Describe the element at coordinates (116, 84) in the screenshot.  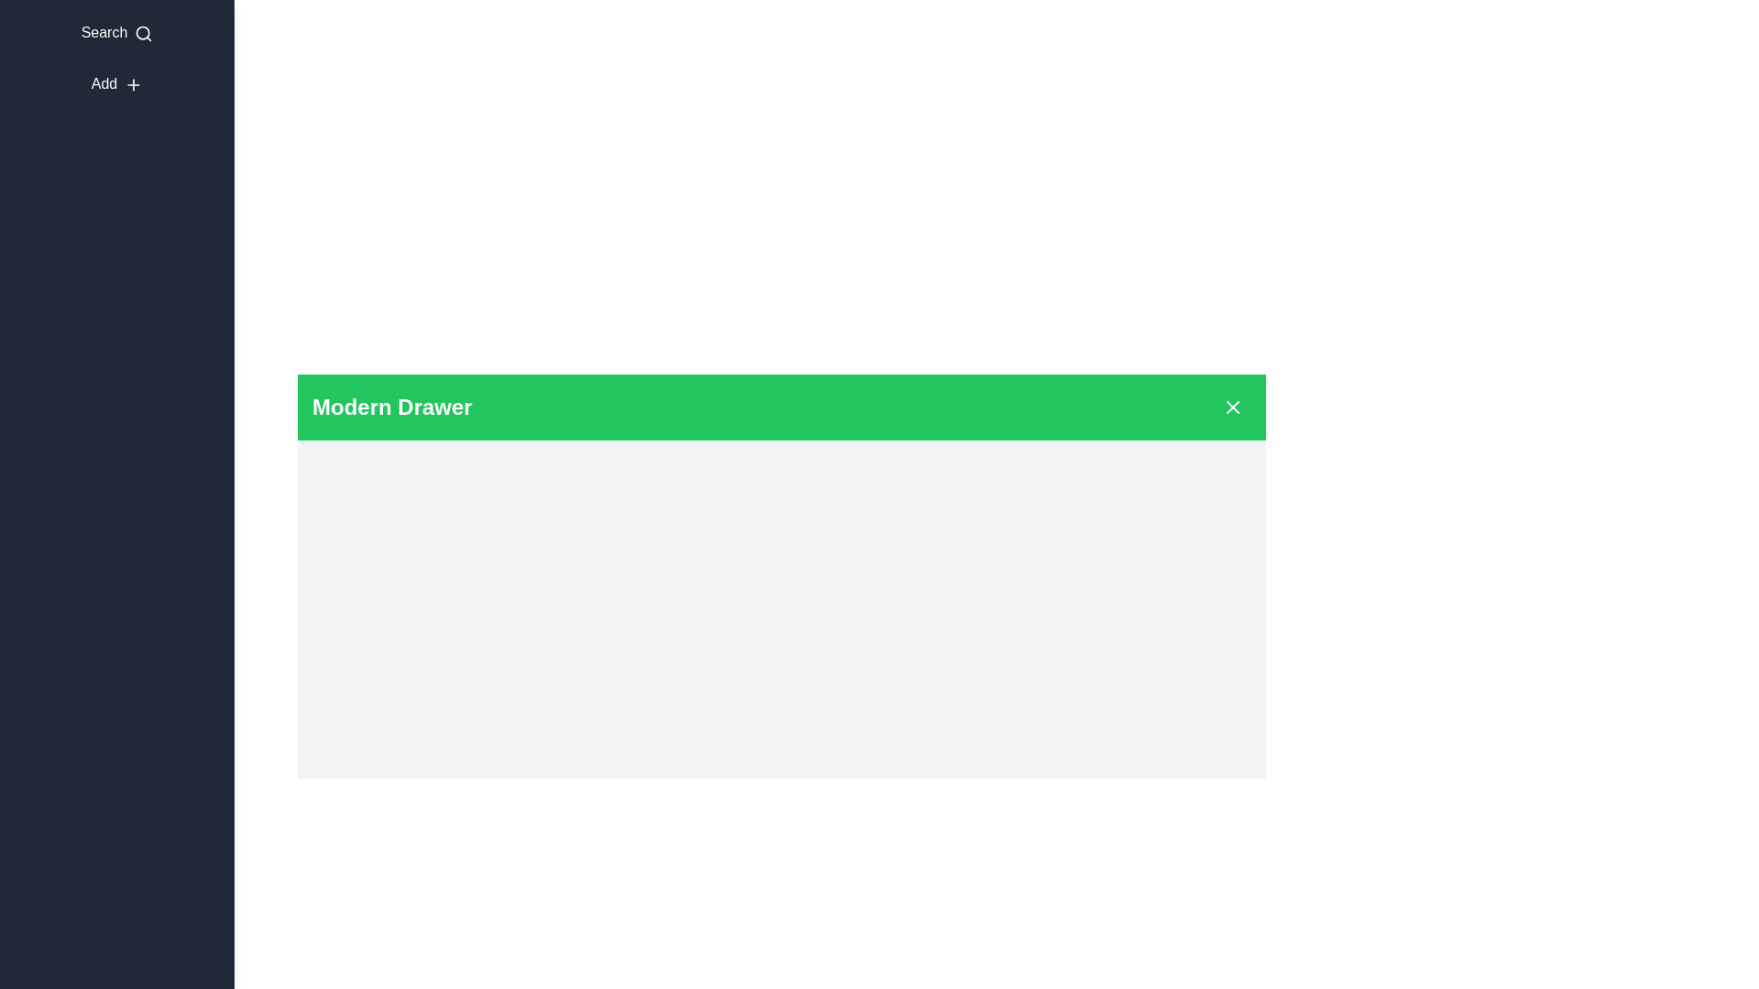
I see `the 'Add' button located below the 'Search' button in the top-left section of the interface` at that location.